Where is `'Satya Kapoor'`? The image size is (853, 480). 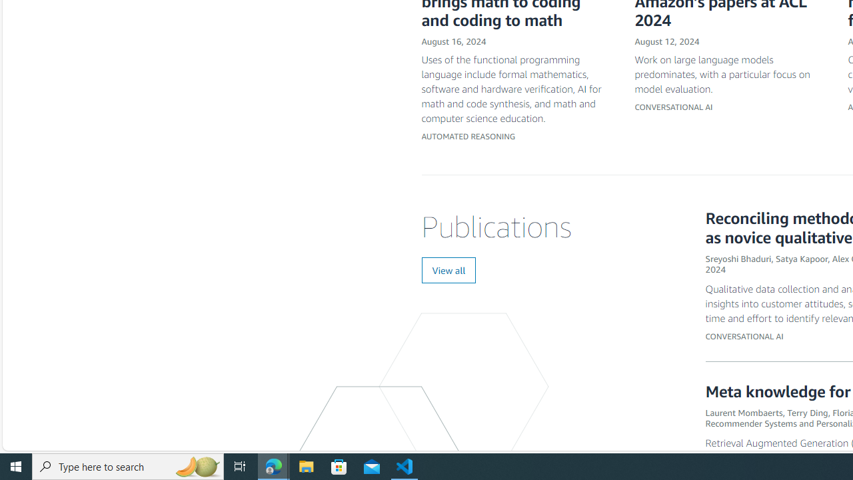
'Satya Kapoor' is located at coordinates (801, 258).